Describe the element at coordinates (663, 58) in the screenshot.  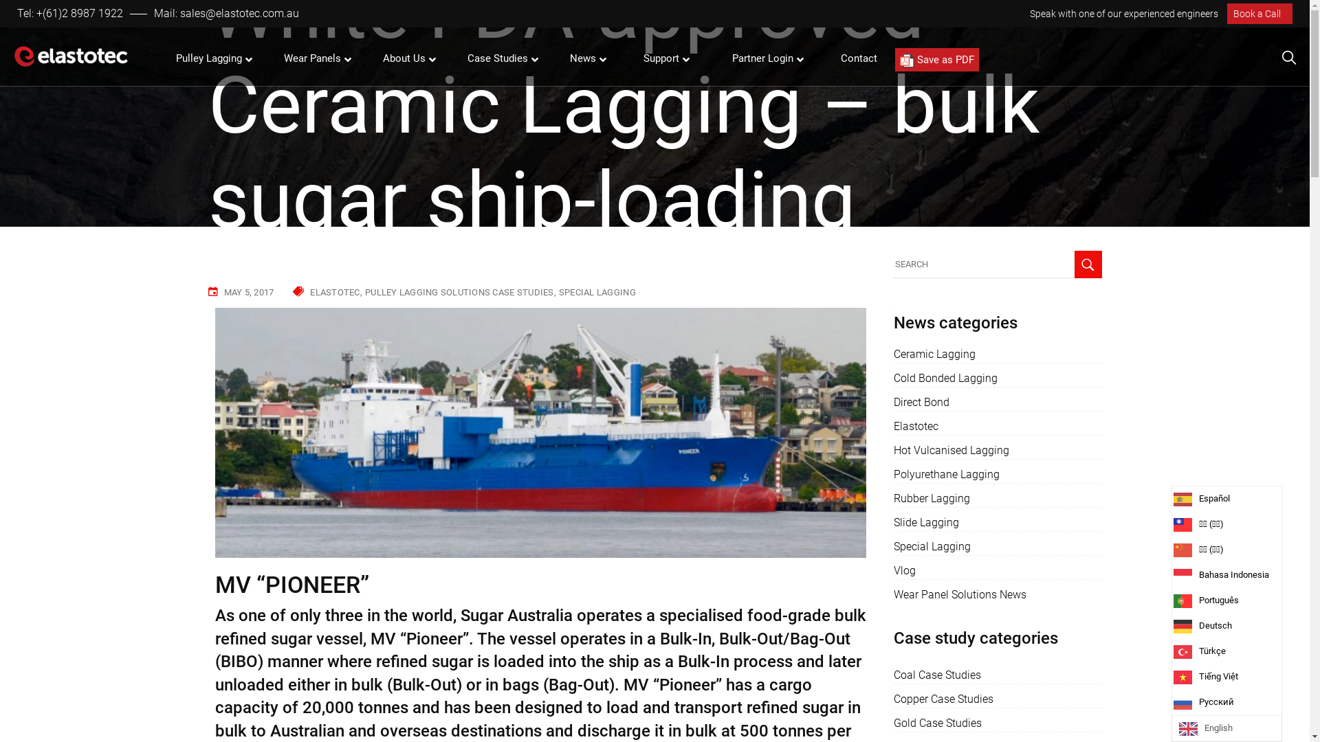
I see `'Support'` at that location.